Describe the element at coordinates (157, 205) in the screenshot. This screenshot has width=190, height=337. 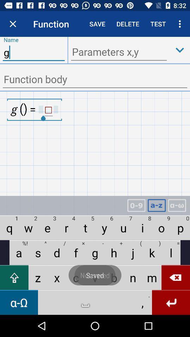
I see `letter option` at that location.